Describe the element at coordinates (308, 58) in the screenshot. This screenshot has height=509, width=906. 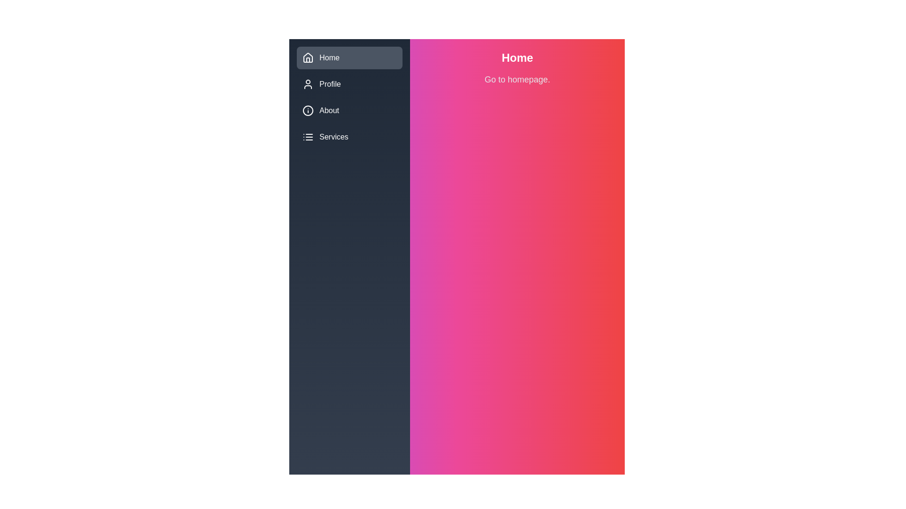
I see `the menu item corresponding to Home` at that location.